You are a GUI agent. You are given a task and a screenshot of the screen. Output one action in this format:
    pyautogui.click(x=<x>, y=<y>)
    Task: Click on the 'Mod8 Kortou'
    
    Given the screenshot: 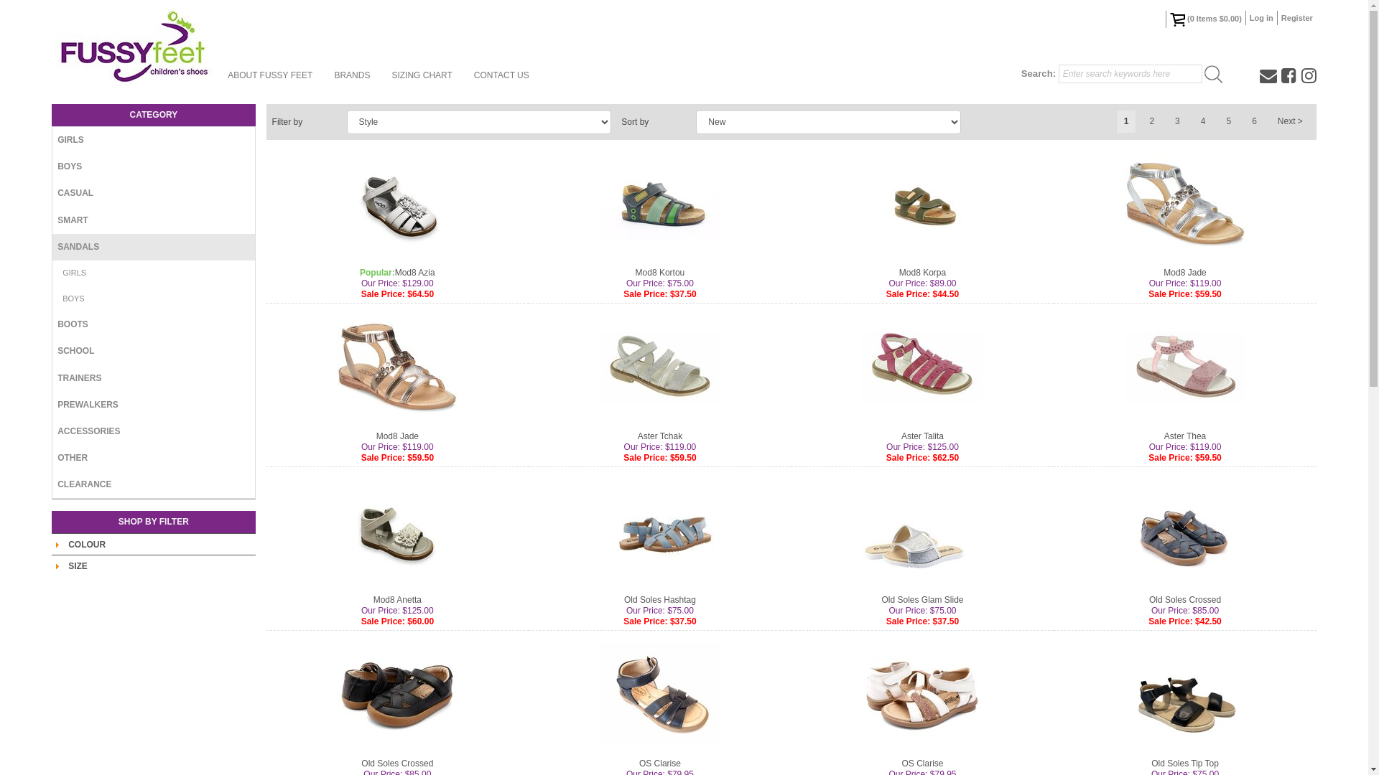 What is the action you would take?
    pyautogui.click(x=659, y=273)
    